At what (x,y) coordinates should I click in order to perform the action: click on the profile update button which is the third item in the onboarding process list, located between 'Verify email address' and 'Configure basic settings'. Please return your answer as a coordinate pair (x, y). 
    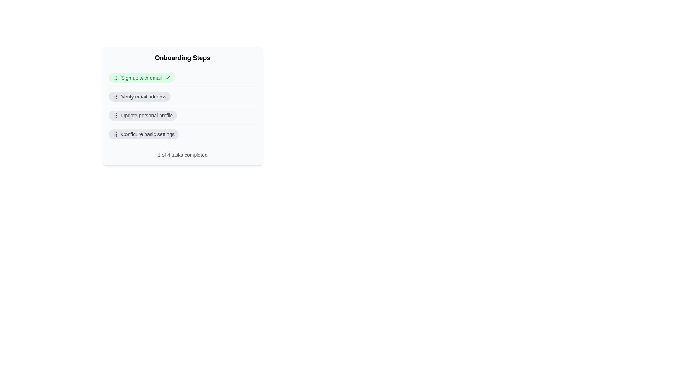
    Looking at the image, I should click on (142, 115).